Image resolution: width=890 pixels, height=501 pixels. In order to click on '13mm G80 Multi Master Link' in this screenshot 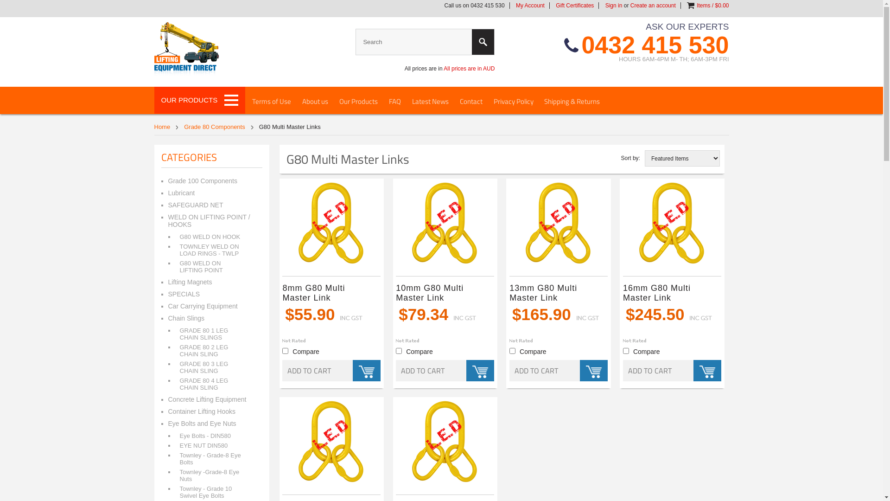, I will do `click(555, 294)`.